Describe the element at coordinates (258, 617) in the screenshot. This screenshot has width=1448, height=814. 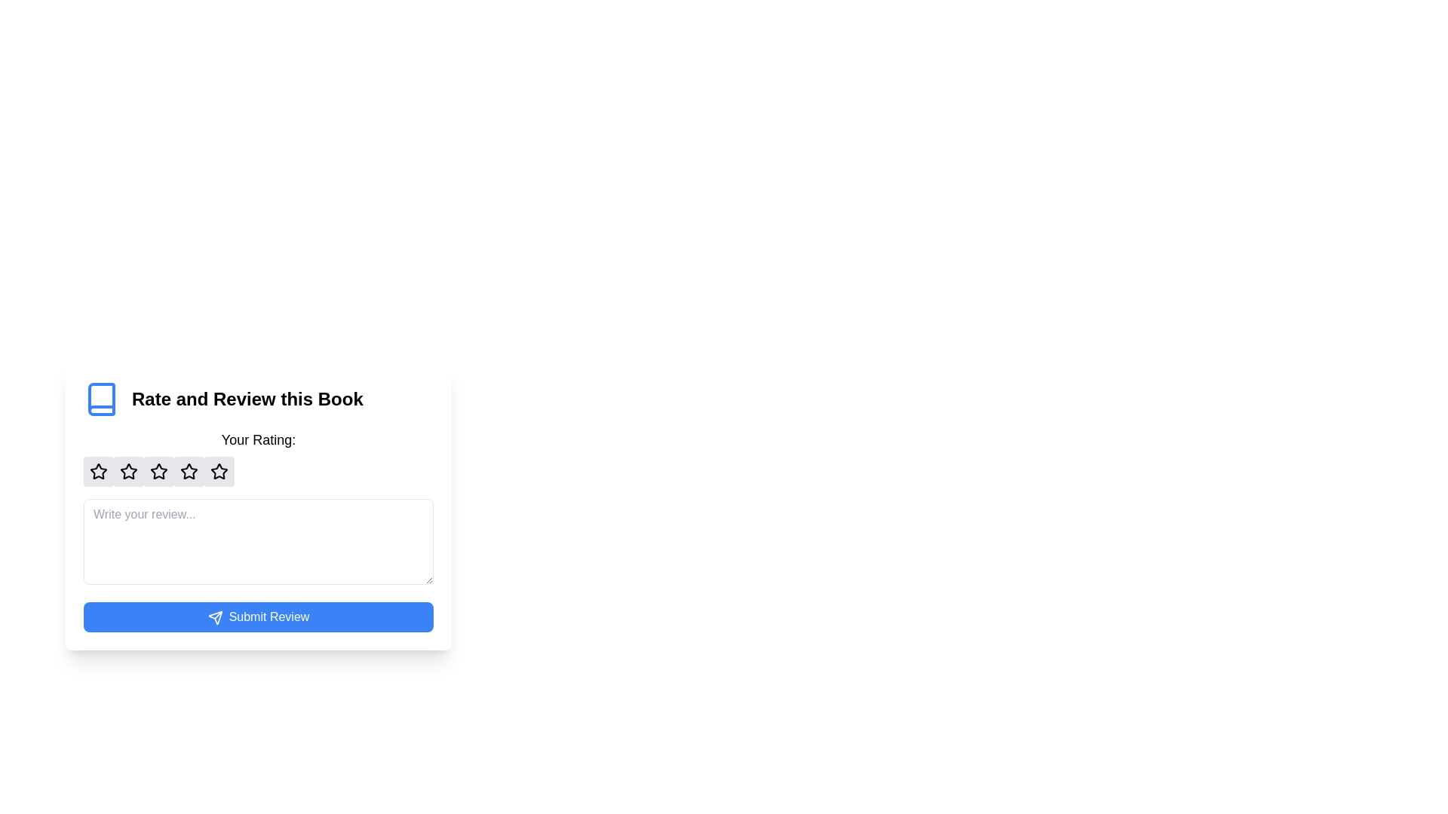
I see `the submit review button located below the 'Write your review...' text input field to activate it` at that location.